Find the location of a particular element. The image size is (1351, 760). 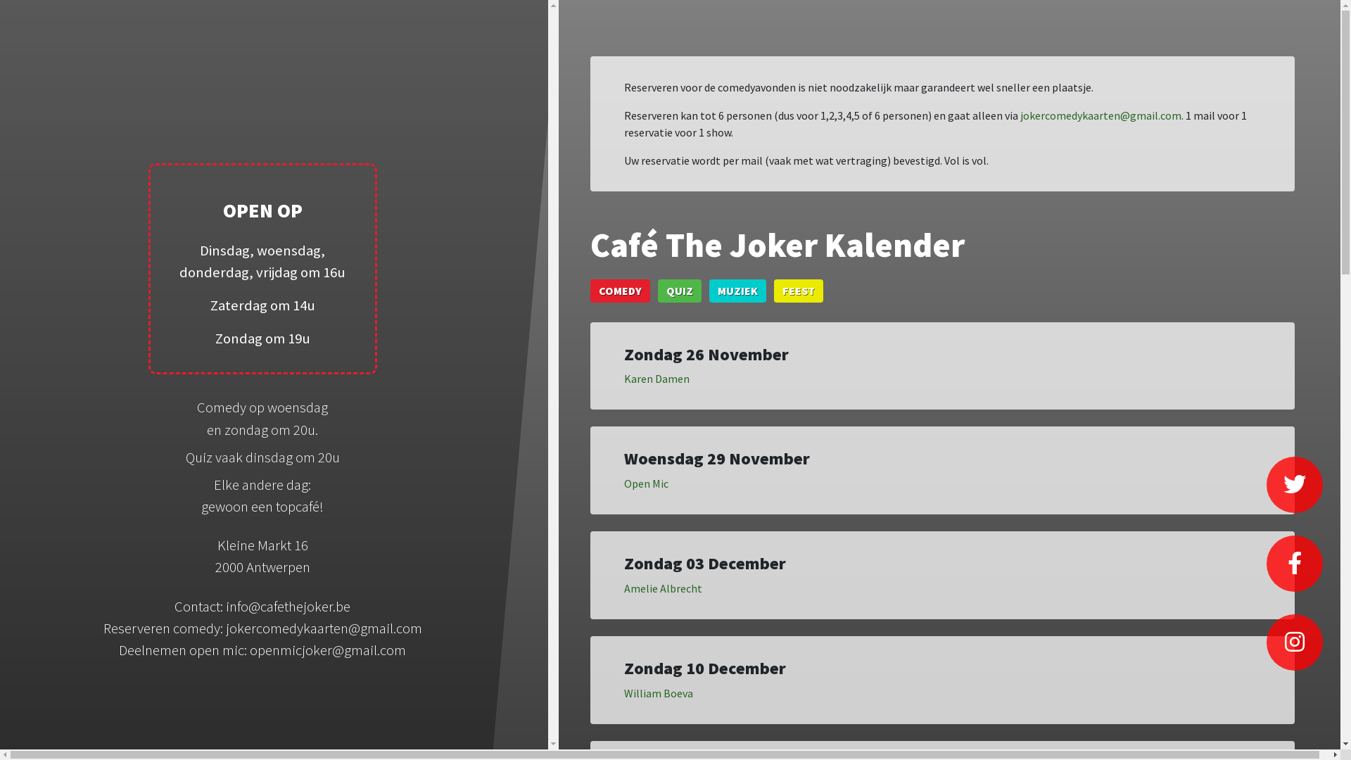

'info@cafethejoker.be' is located at coordinates (226, 605).